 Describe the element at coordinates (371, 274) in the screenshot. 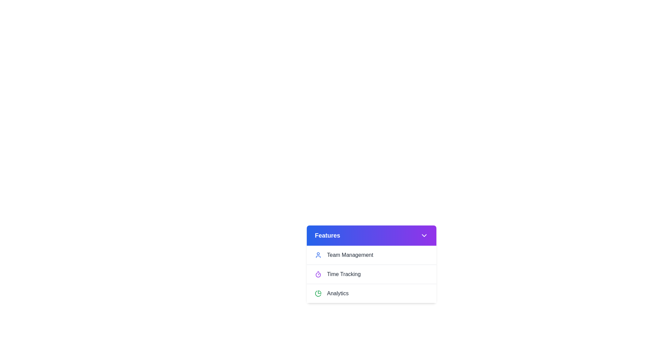

I see `the menu item 'Time Tracking' by clicking on it` at that location.